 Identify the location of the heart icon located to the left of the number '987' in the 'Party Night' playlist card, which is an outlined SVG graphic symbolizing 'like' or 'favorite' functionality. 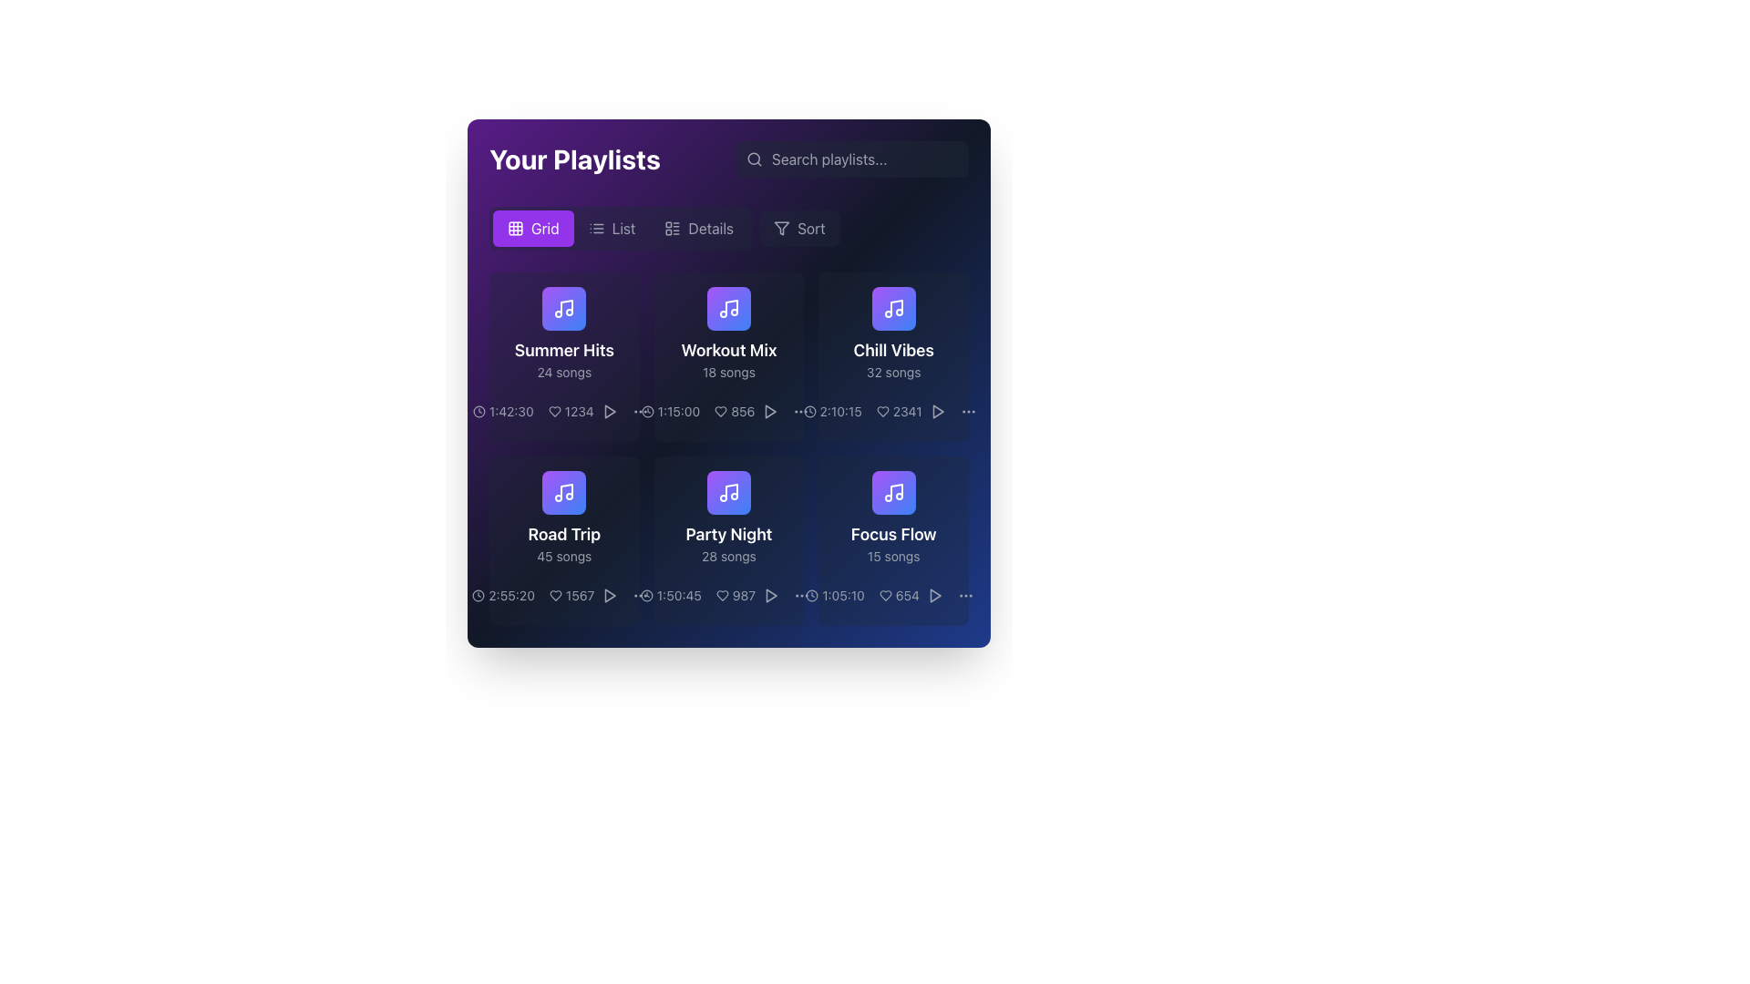
(721, 596).